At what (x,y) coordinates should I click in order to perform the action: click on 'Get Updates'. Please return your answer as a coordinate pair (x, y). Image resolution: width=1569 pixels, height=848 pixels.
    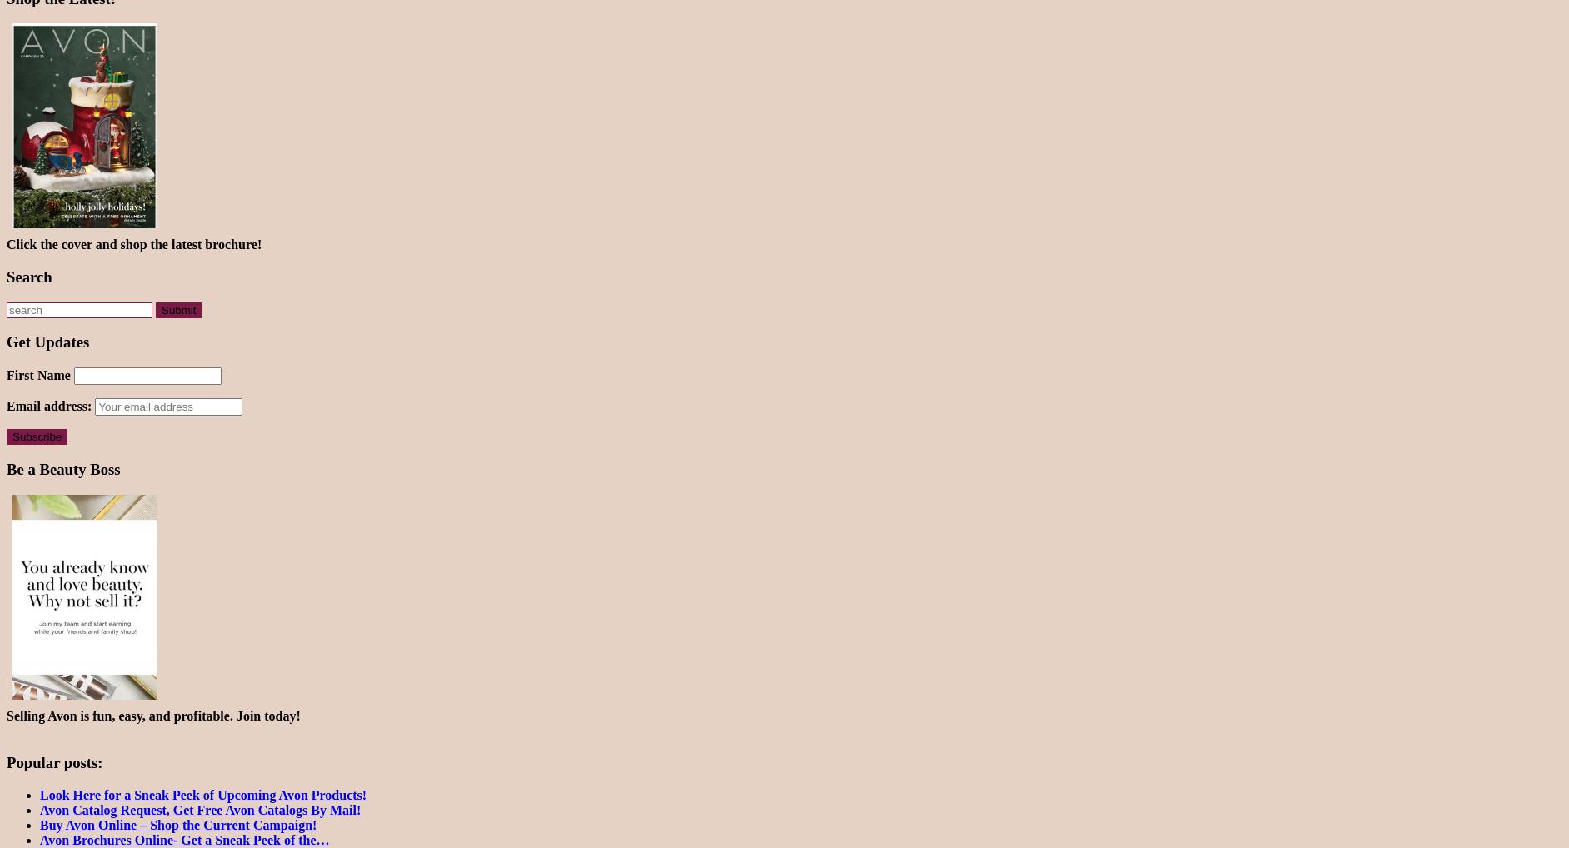
    Looking at the image, I should click on (47, 341).